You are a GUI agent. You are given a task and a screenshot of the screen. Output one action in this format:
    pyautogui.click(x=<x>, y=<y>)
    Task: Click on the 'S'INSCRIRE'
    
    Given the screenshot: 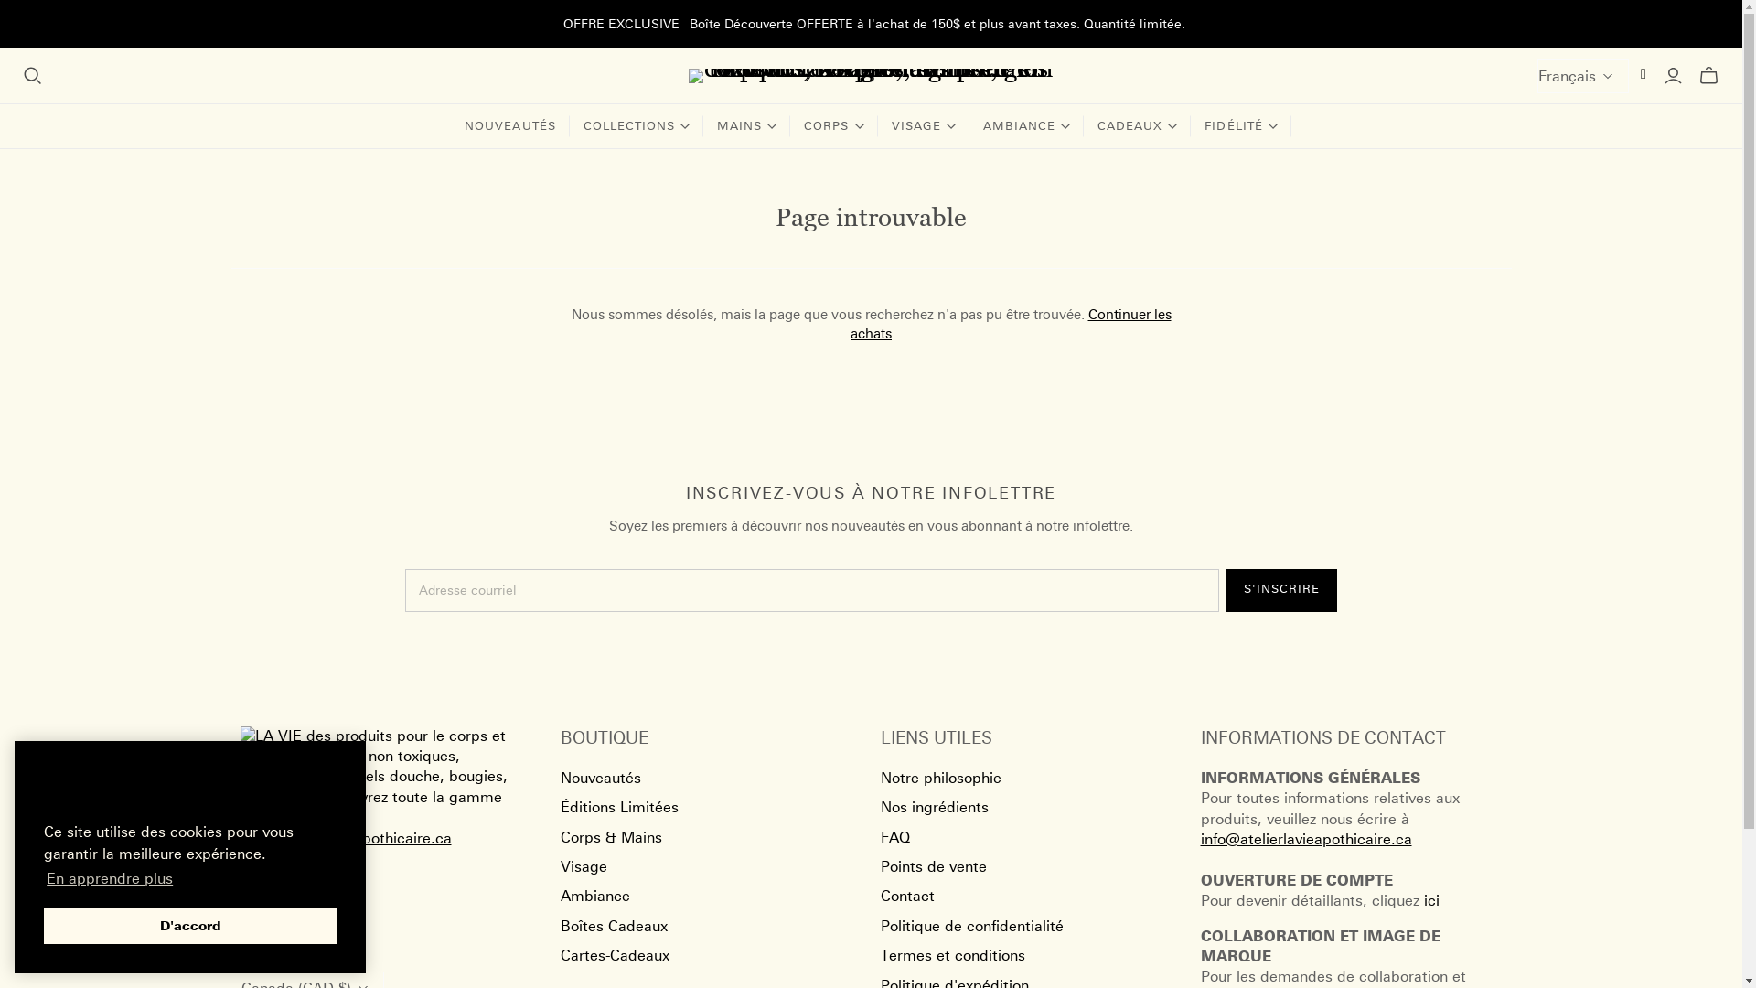 What is the action you would take?
    pyautogui.click(x=1226, y=590)
    